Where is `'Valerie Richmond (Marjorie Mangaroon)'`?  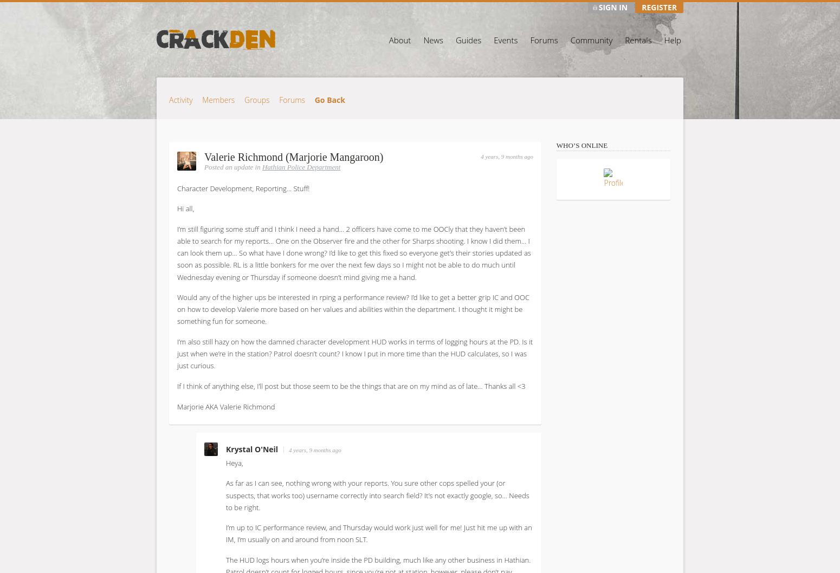
'Valerie Richmond (Marjorie Mangaroon)' is located at coordinates (293, 156).